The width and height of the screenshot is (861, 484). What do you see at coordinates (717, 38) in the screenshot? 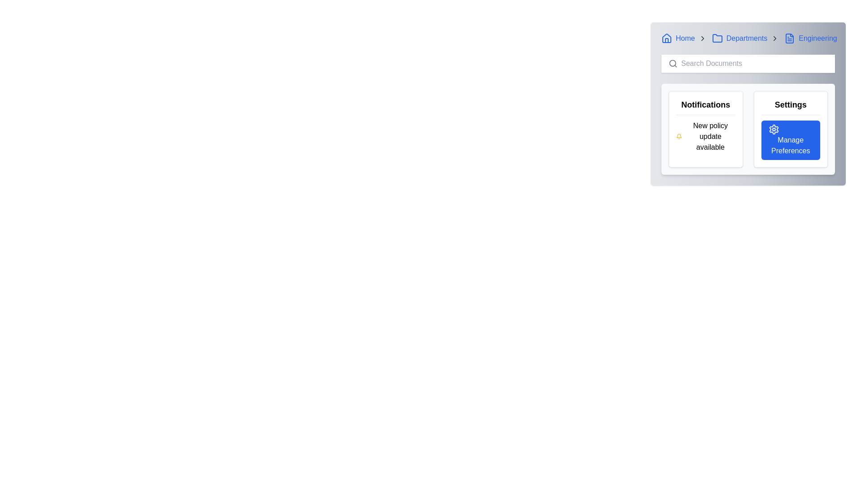
I see `the breadcrumb navigation icon located between the home icon on the left and the document icon on the right` at bounding box center [717, 38].